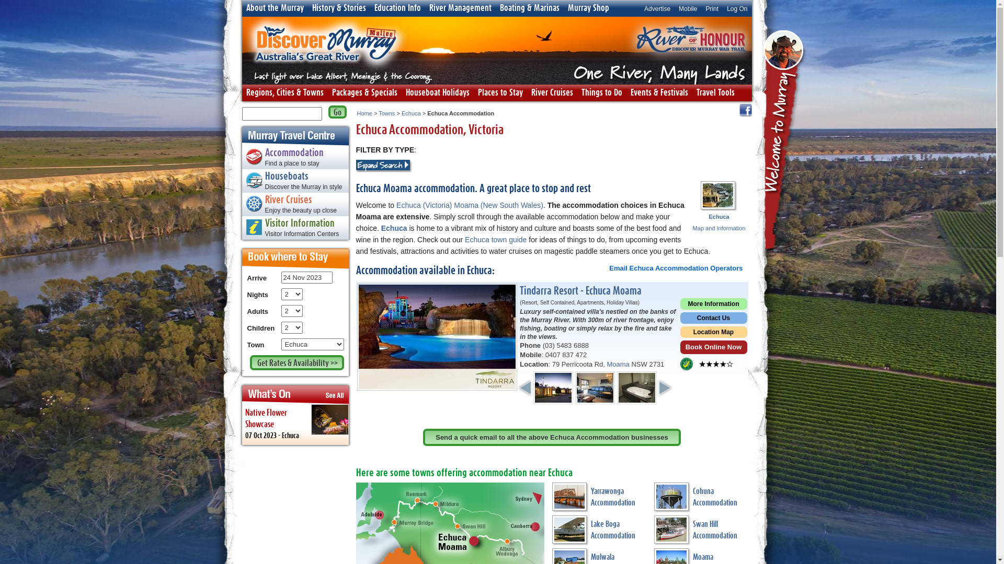  What do you see at coordinates (712, 333) in the screenshot?
I see `'Location Map'` at bounding box center [712, 333].